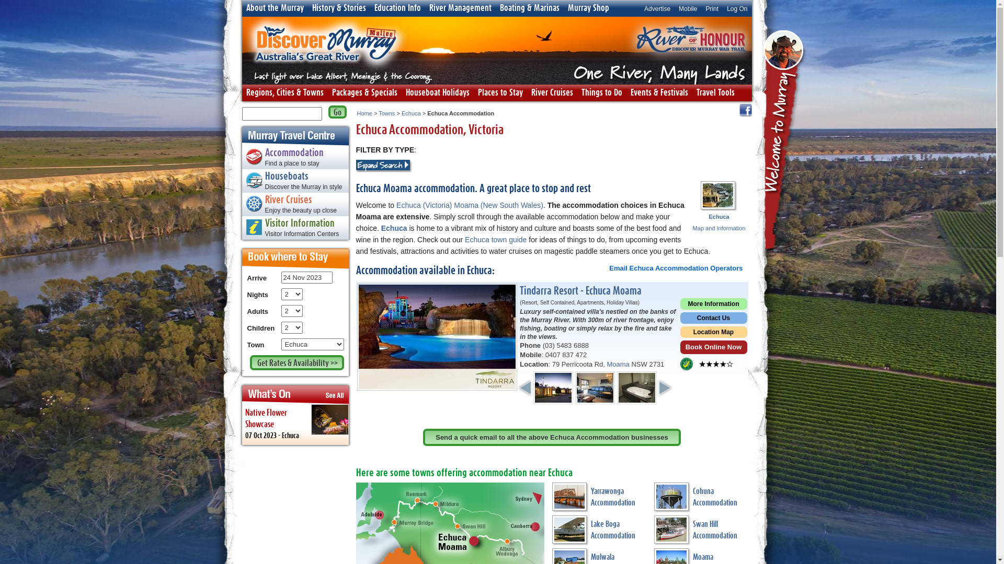  What do you see at coordinates (712, 333) in the screenshot?
I see `'Location Map'` at bounding box center [712, 333].